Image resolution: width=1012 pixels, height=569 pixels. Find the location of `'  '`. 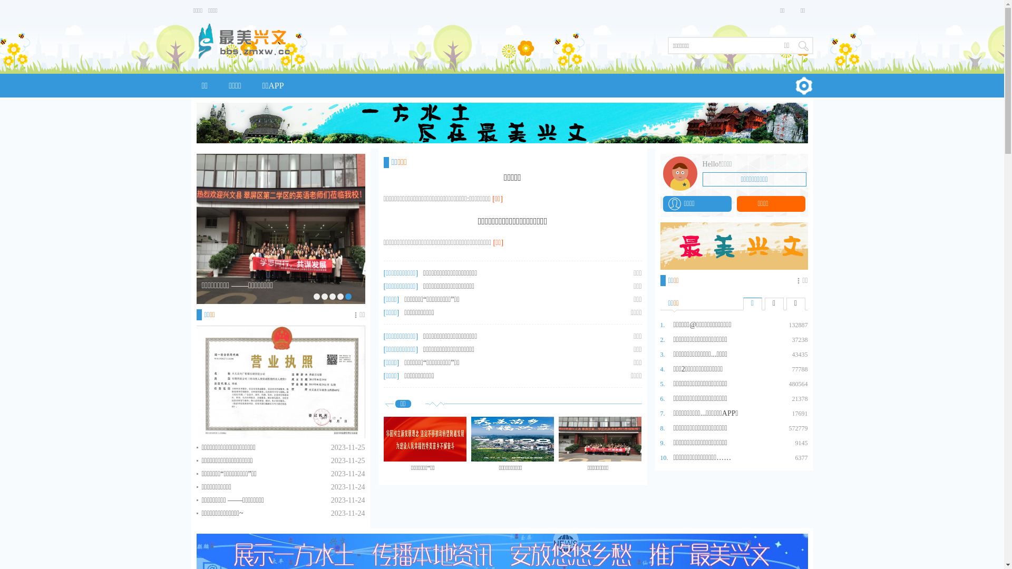

'  ' is located at coordinates (803, 45).